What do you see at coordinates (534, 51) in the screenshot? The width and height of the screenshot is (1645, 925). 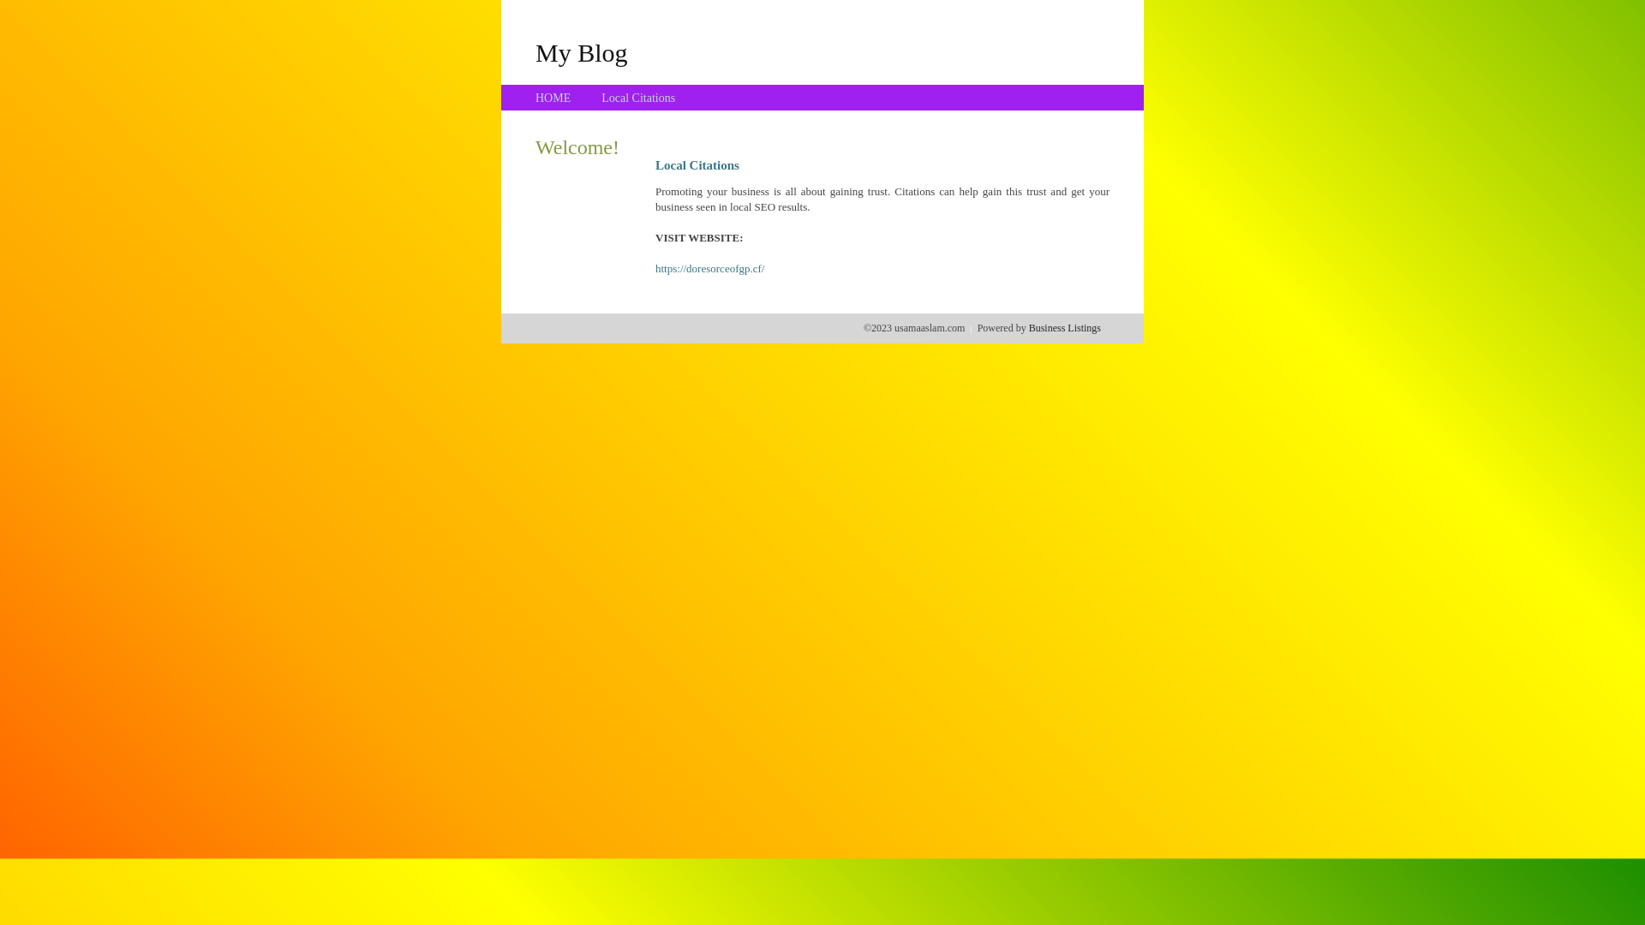 I see `'My Blog'` at bounding box center [534, 51].